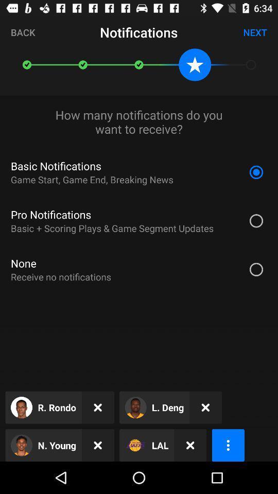 The width and height of the screenshot is (278, 494). Describe the element at coordinates (228, 445) in the screenshot. I see `options` at that location.